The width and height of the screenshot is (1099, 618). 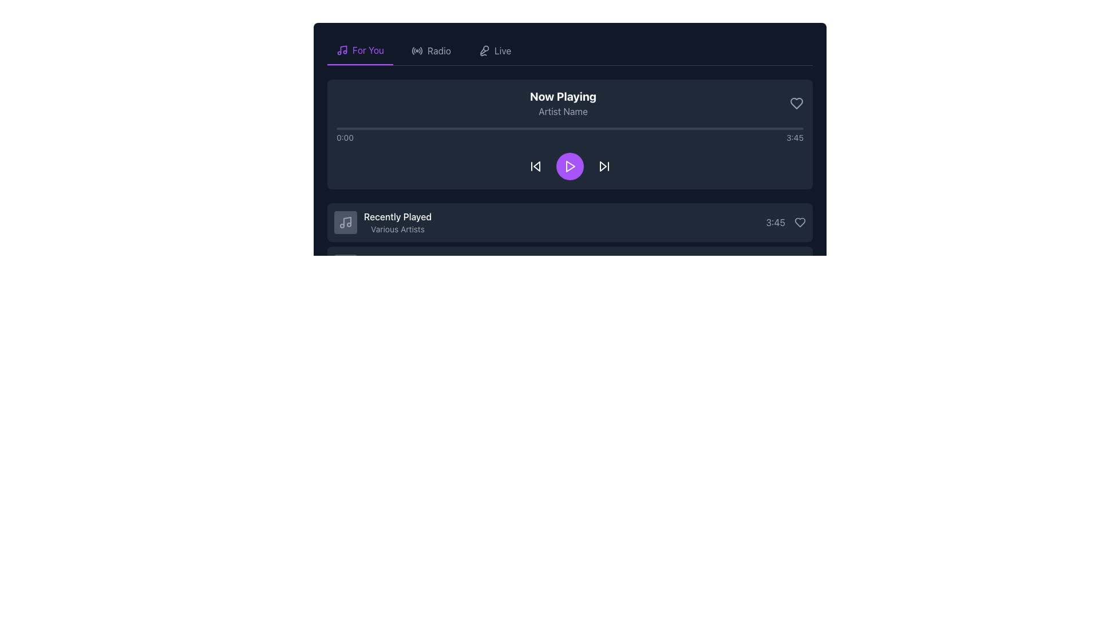 What do you see at coordinates (398, 223) in the screenshot?
I see `the Text Label that describes recently played music` at bounding box center [398, 223].